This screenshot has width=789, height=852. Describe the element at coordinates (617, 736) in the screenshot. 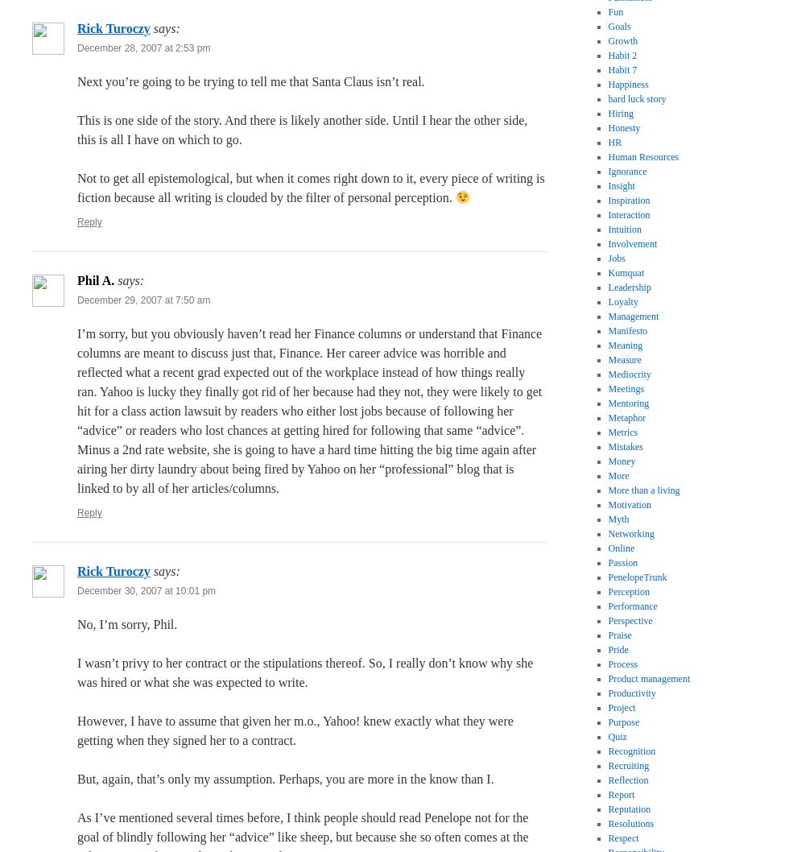

I see `'Quiz'` at that location.